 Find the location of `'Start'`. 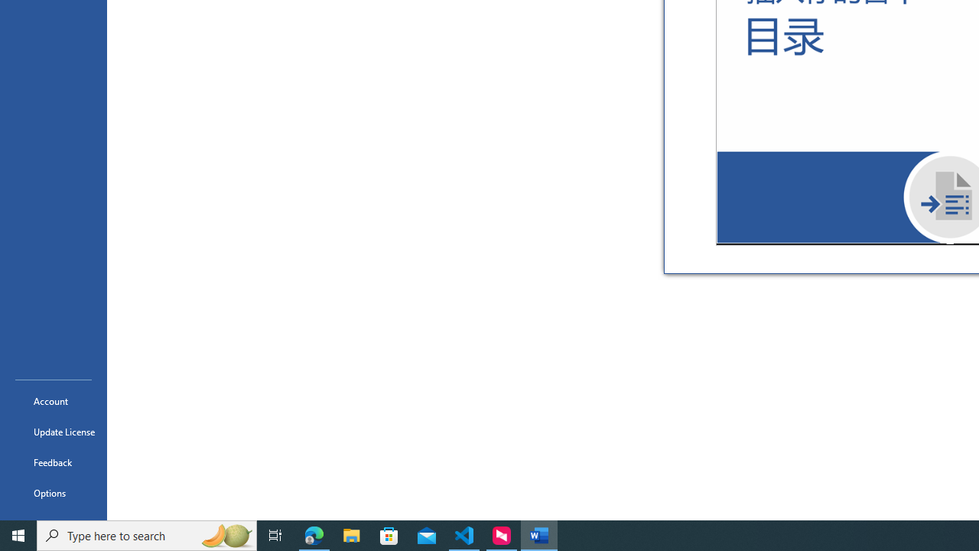

'Start' is located at coordinates (18, 534).